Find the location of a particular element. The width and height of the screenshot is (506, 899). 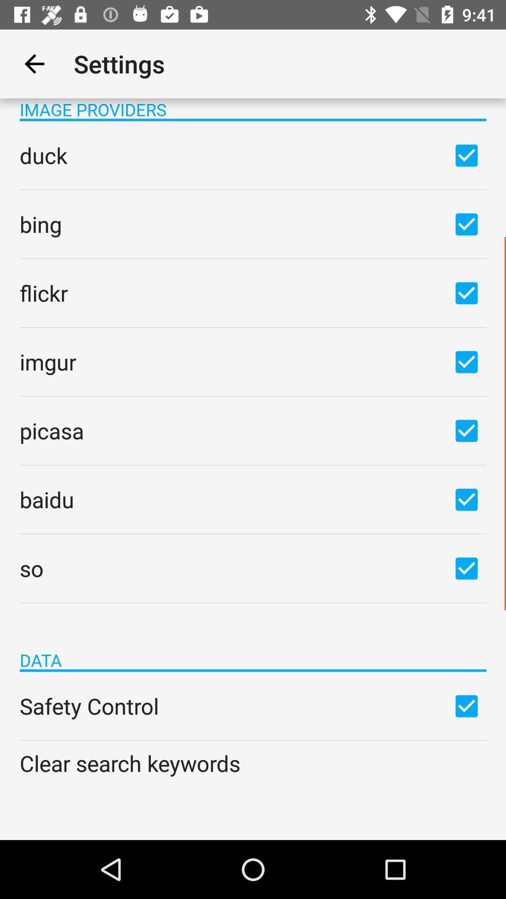

enable disable option is located at coordinates (466, 223).